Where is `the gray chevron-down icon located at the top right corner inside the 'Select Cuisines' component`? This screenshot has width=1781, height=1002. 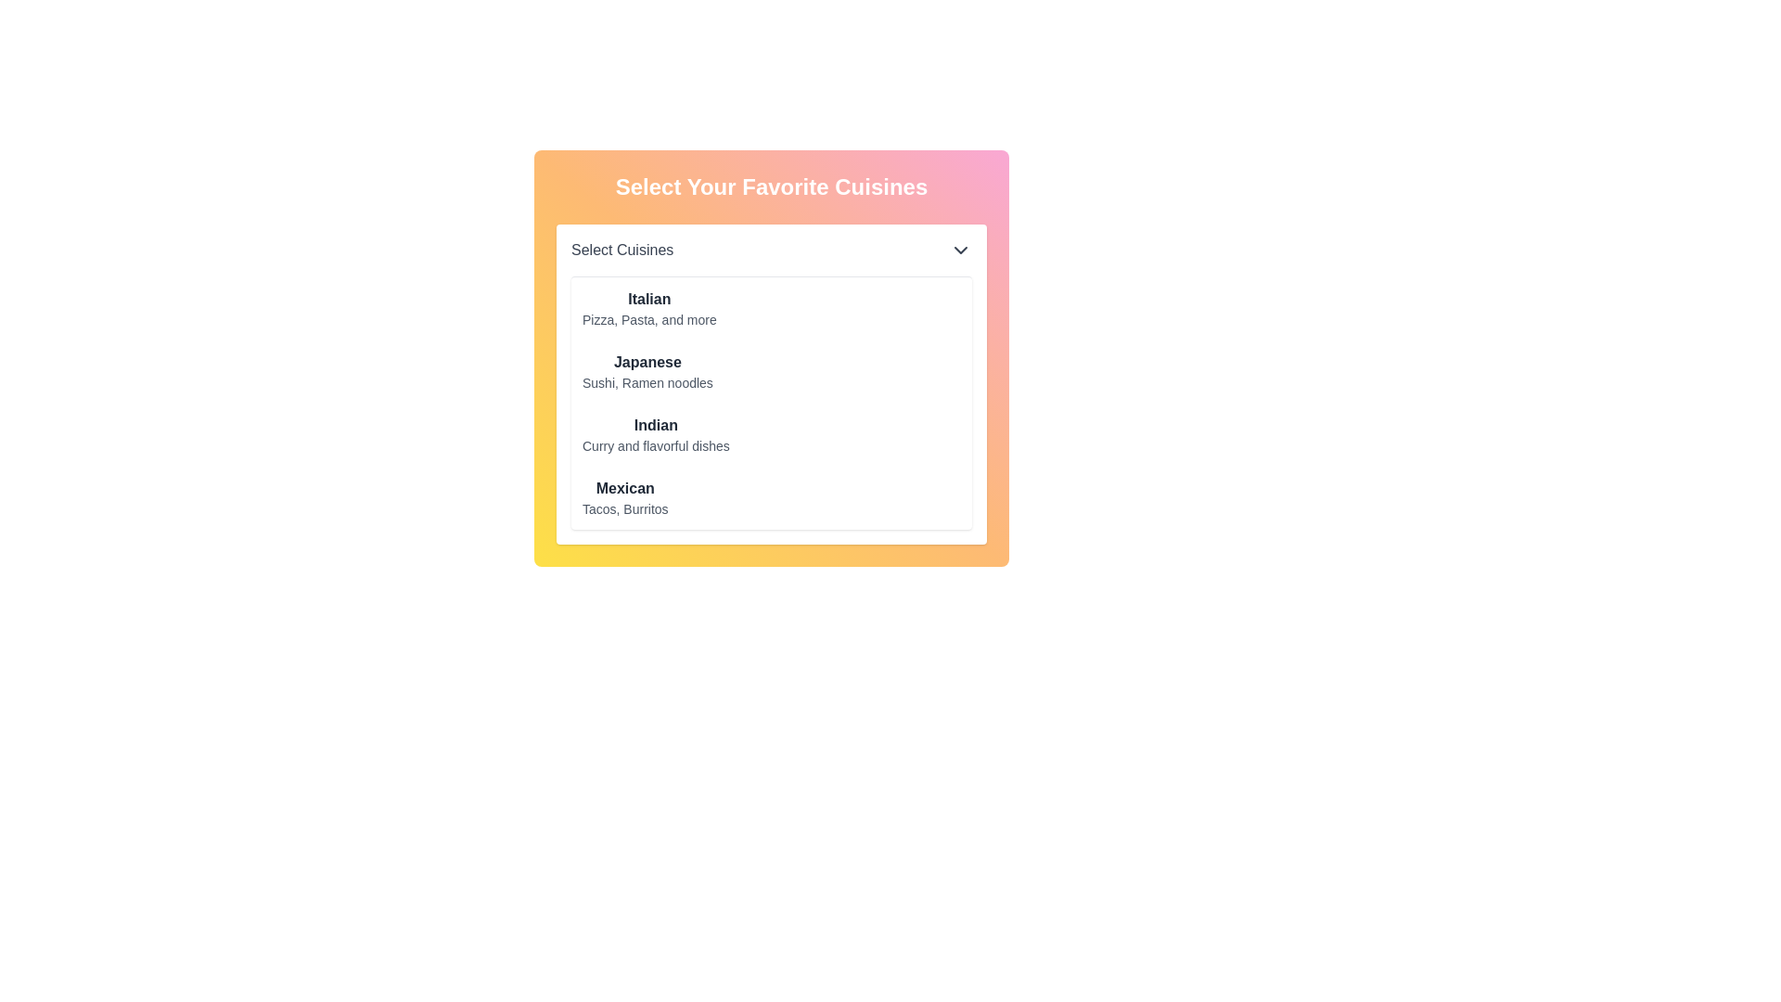
the gray chevron-down icon located at the top right corner inside the 'Select Cuisines' component is located at coordinates (961, 250).